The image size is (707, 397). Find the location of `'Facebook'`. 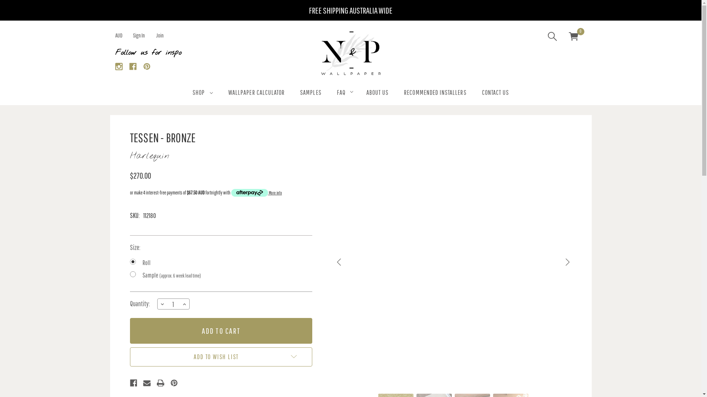

'Facebook' is located at coordinates (133, 66).